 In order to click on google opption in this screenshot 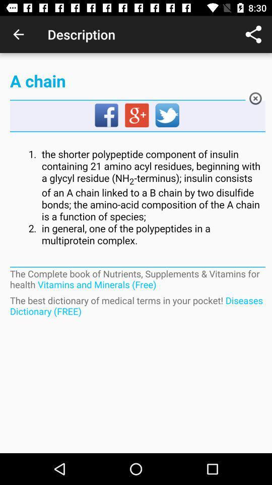, I will do `click(137, 116)`.